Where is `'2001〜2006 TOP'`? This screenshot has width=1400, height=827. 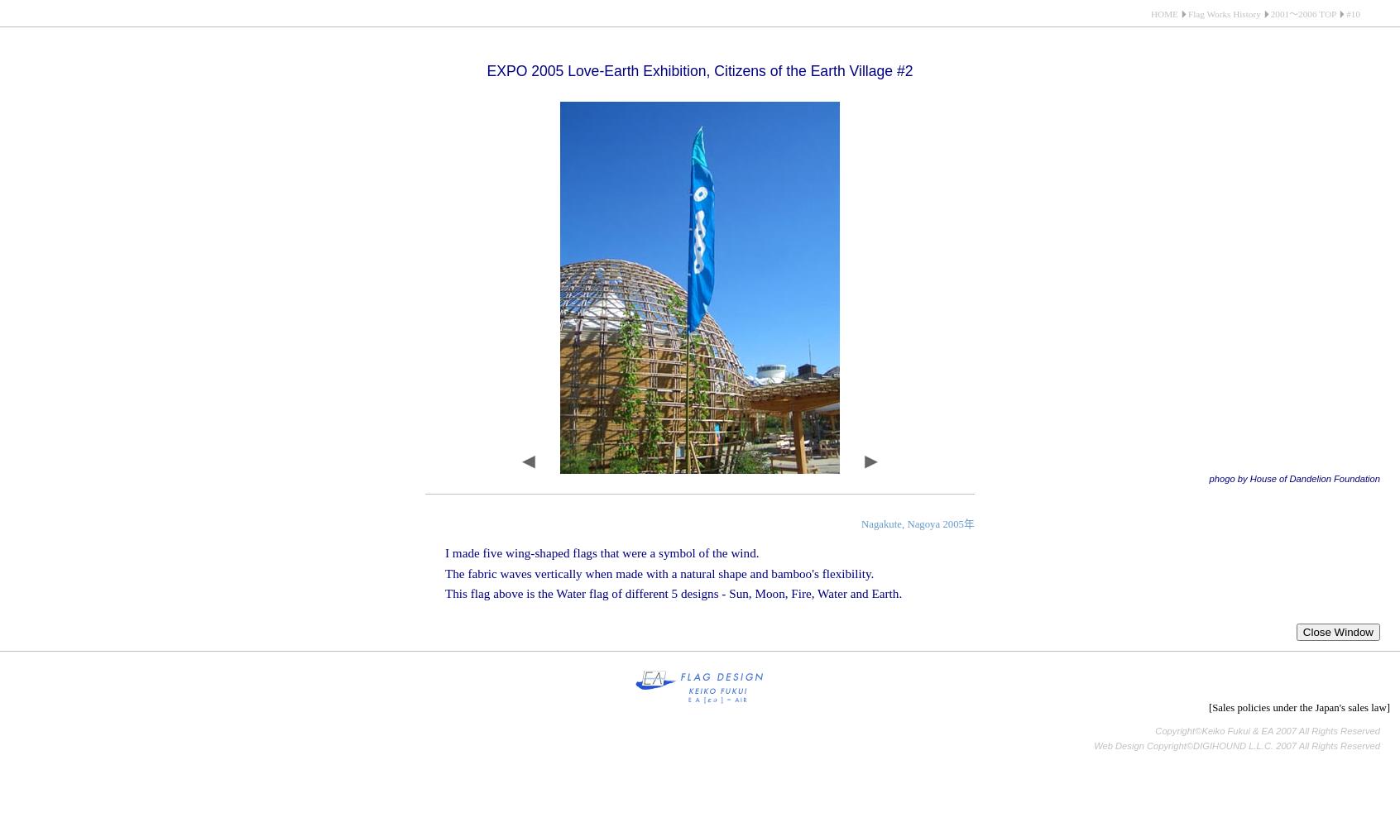
'2001〜2006 TOP' is located at coordinates (1302, 14).